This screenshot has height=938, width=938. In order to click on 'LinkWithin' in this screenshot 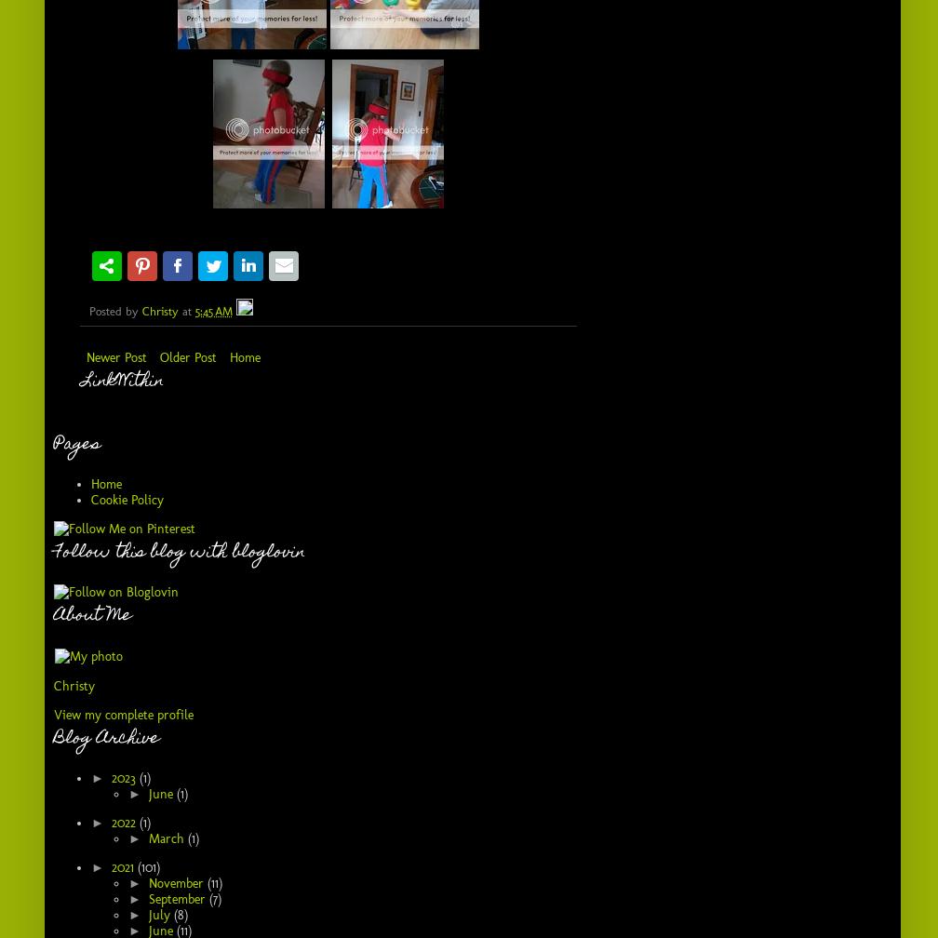, I will do `click(81, 381)`.